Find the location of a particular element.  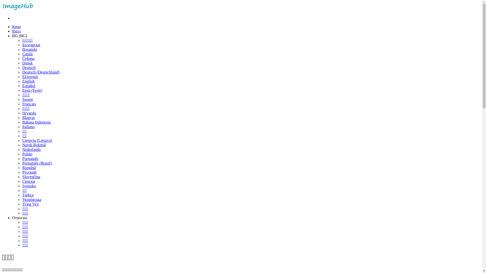

'Svenska' is located at coordinates (29, 186).